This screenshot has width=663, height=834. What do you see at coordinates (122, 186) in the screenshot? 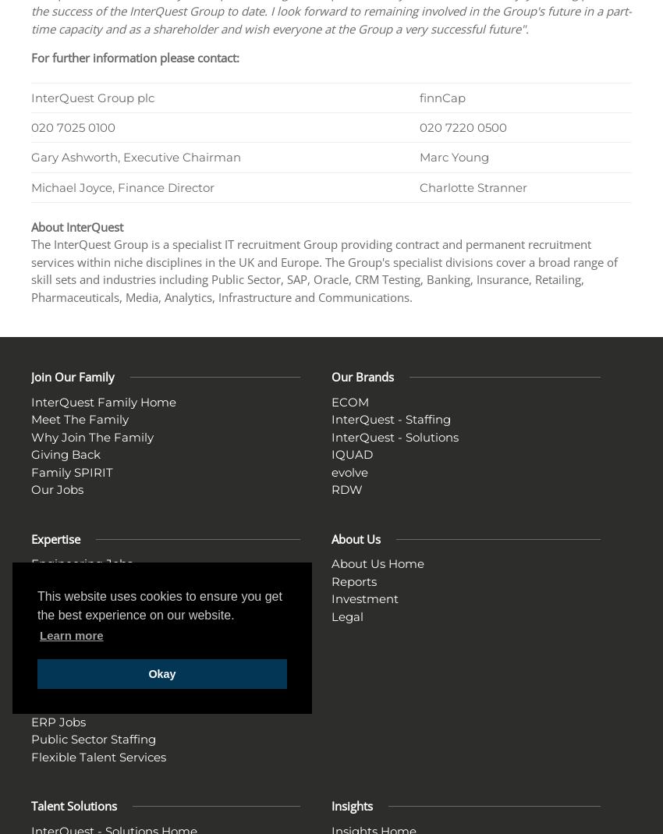
I see `'Michael Joyce, Finance Director'` at bounding box center [122, 186].